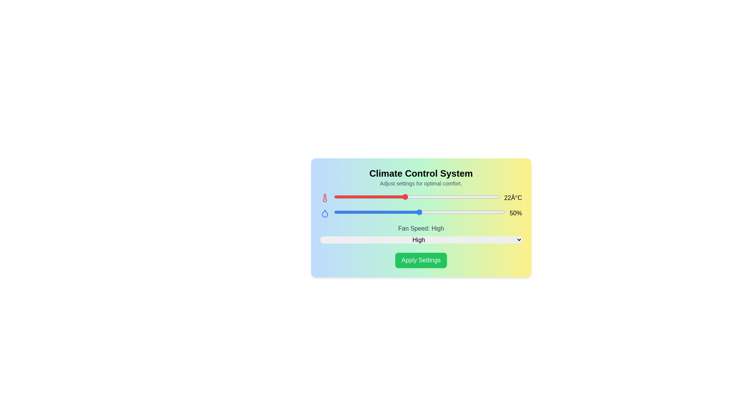 The height and width of the screenshot is (413, 734). What do you see at coordinates (416, 197) in the screenshot?
I see `the temperature slider to 23°C` at bounding box center [416, 197].